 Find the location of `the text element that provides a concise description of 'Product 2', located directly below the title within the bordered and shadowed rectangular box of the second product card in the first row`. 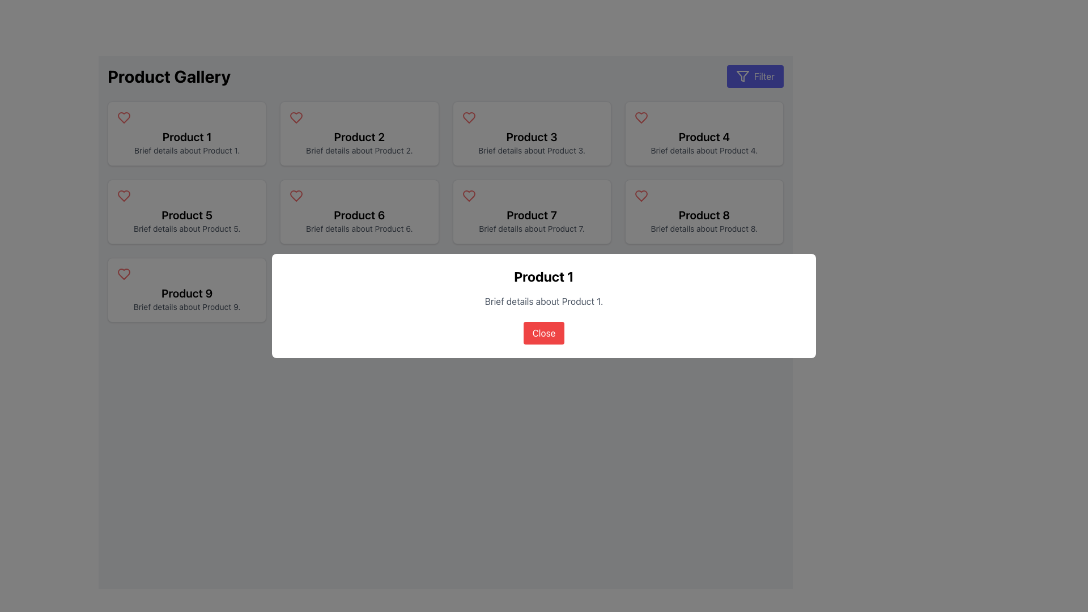

the text element that provides a concise description of 'Product 2', located directly below the title within the bordered and shadowed rectangular box of the second product card in the first row is located at coordinates (359, 150).